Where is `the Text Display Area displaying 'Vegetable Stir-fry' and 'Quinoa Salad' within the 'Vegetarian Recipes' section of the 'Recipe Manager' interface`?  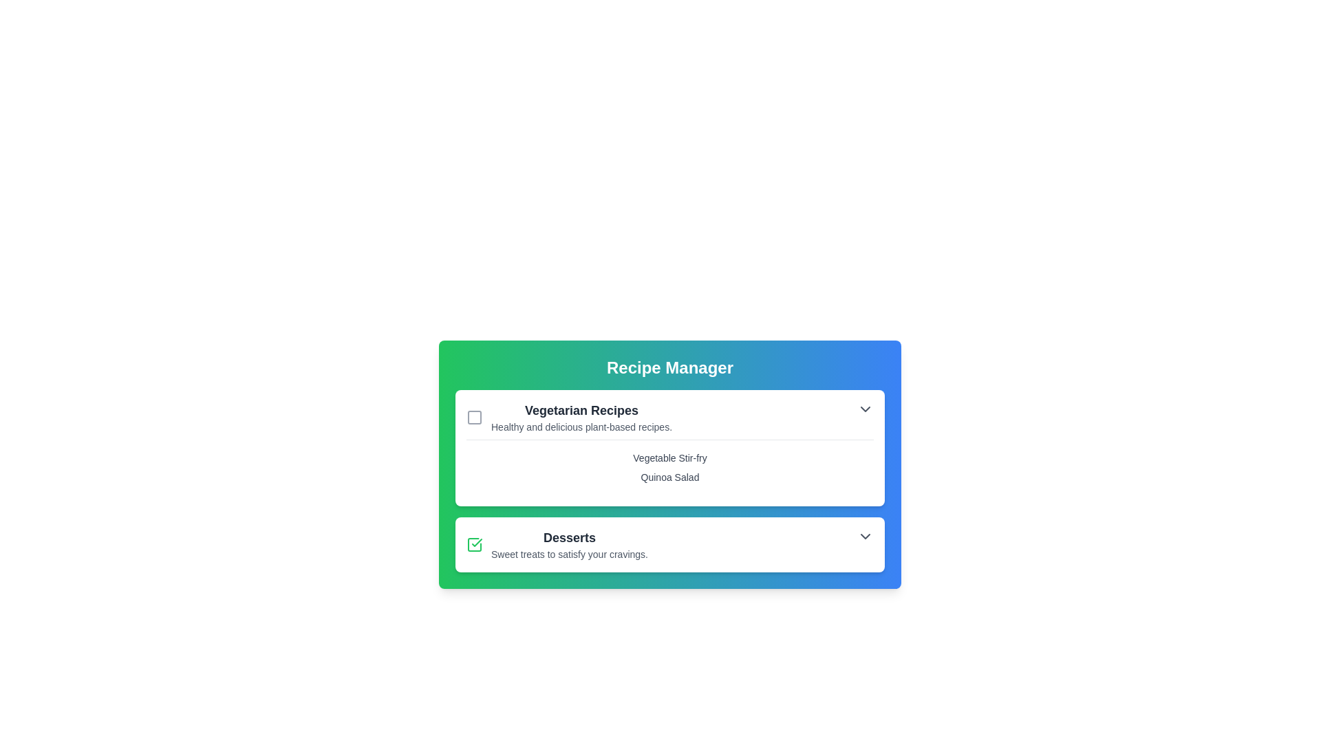
the Text Display Area displaying 'Vegetable Stir-fry' and 'Quinoa Salad' within the 'Vegetarian Recipes' section of the 'Recipe Manager' interface is located at coordinates (670, 466).